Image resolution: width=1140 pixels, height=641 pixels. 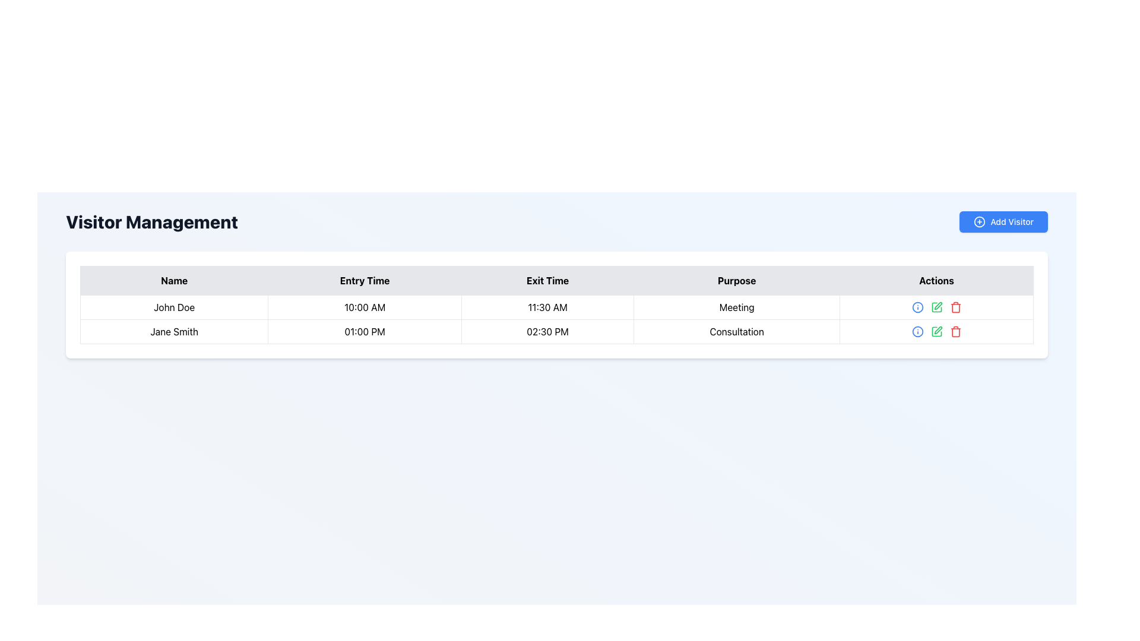 What do you see at coordinates (980, 222) in the screenshot?
I see `the decorative icon located on the leftmost part of the blue rectangular button, which is situated in the top right corner of the interface, next` at bounding box center [980, 222].